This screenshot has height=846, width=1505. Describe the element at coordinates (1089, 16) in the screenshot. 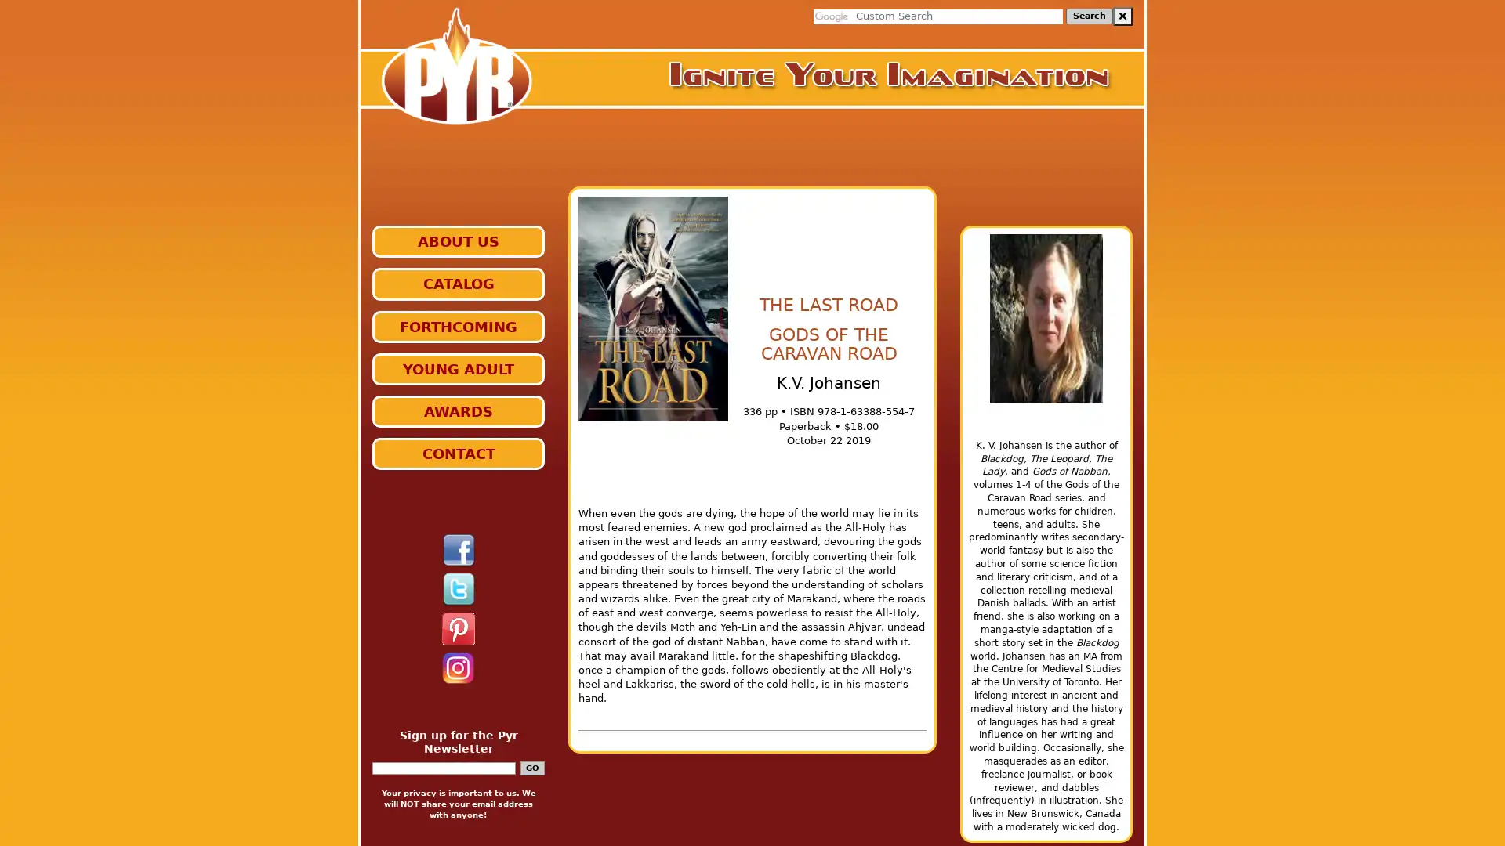

I see `Search` at that location.